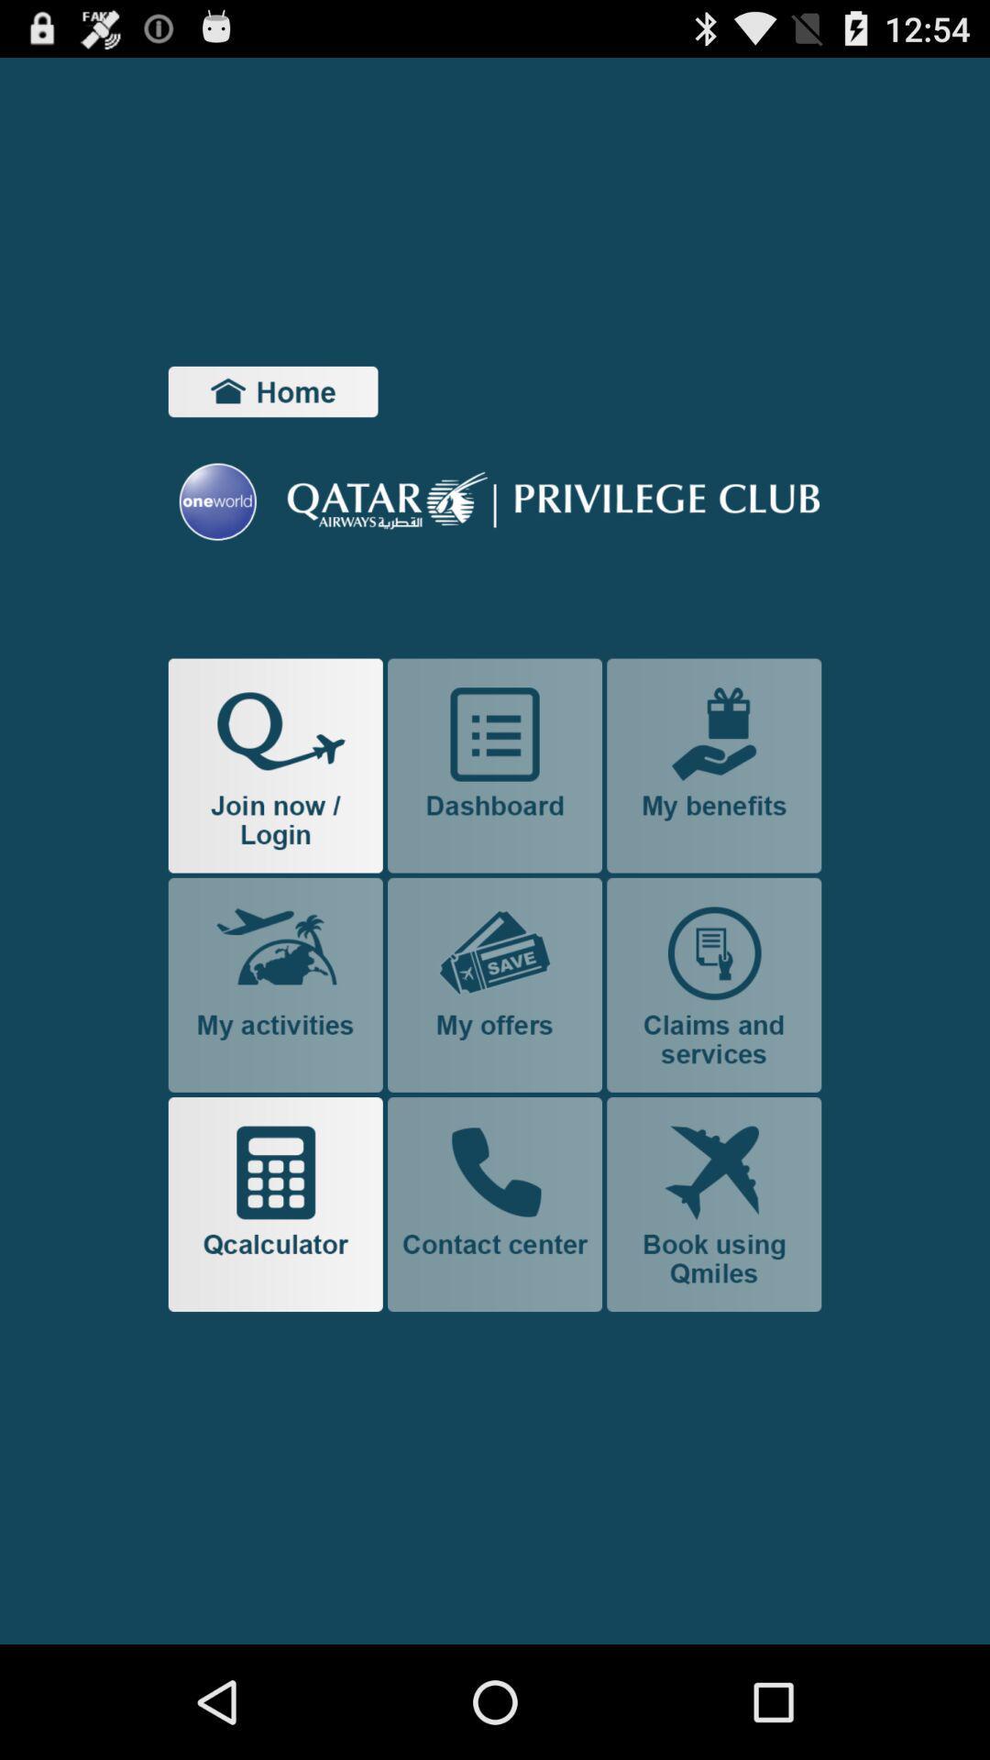  Describe the element at coordinates (273, 390) in the screenshot. I see `home button` at that location.